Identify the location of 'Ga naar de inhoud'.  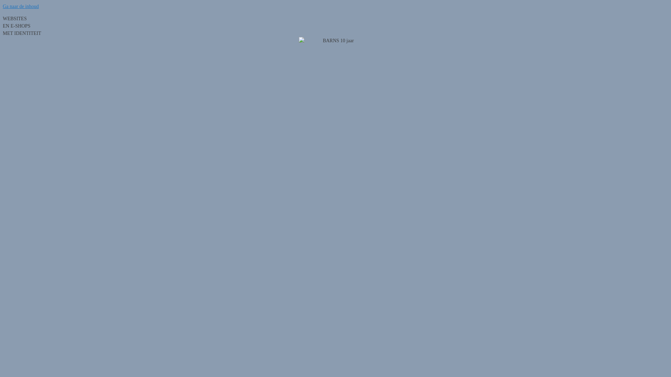
(21, 6).